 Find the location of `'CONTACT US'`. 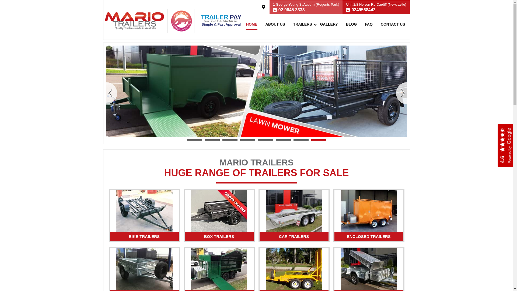

'CONTACT US' is located at coordinates (393, 24).